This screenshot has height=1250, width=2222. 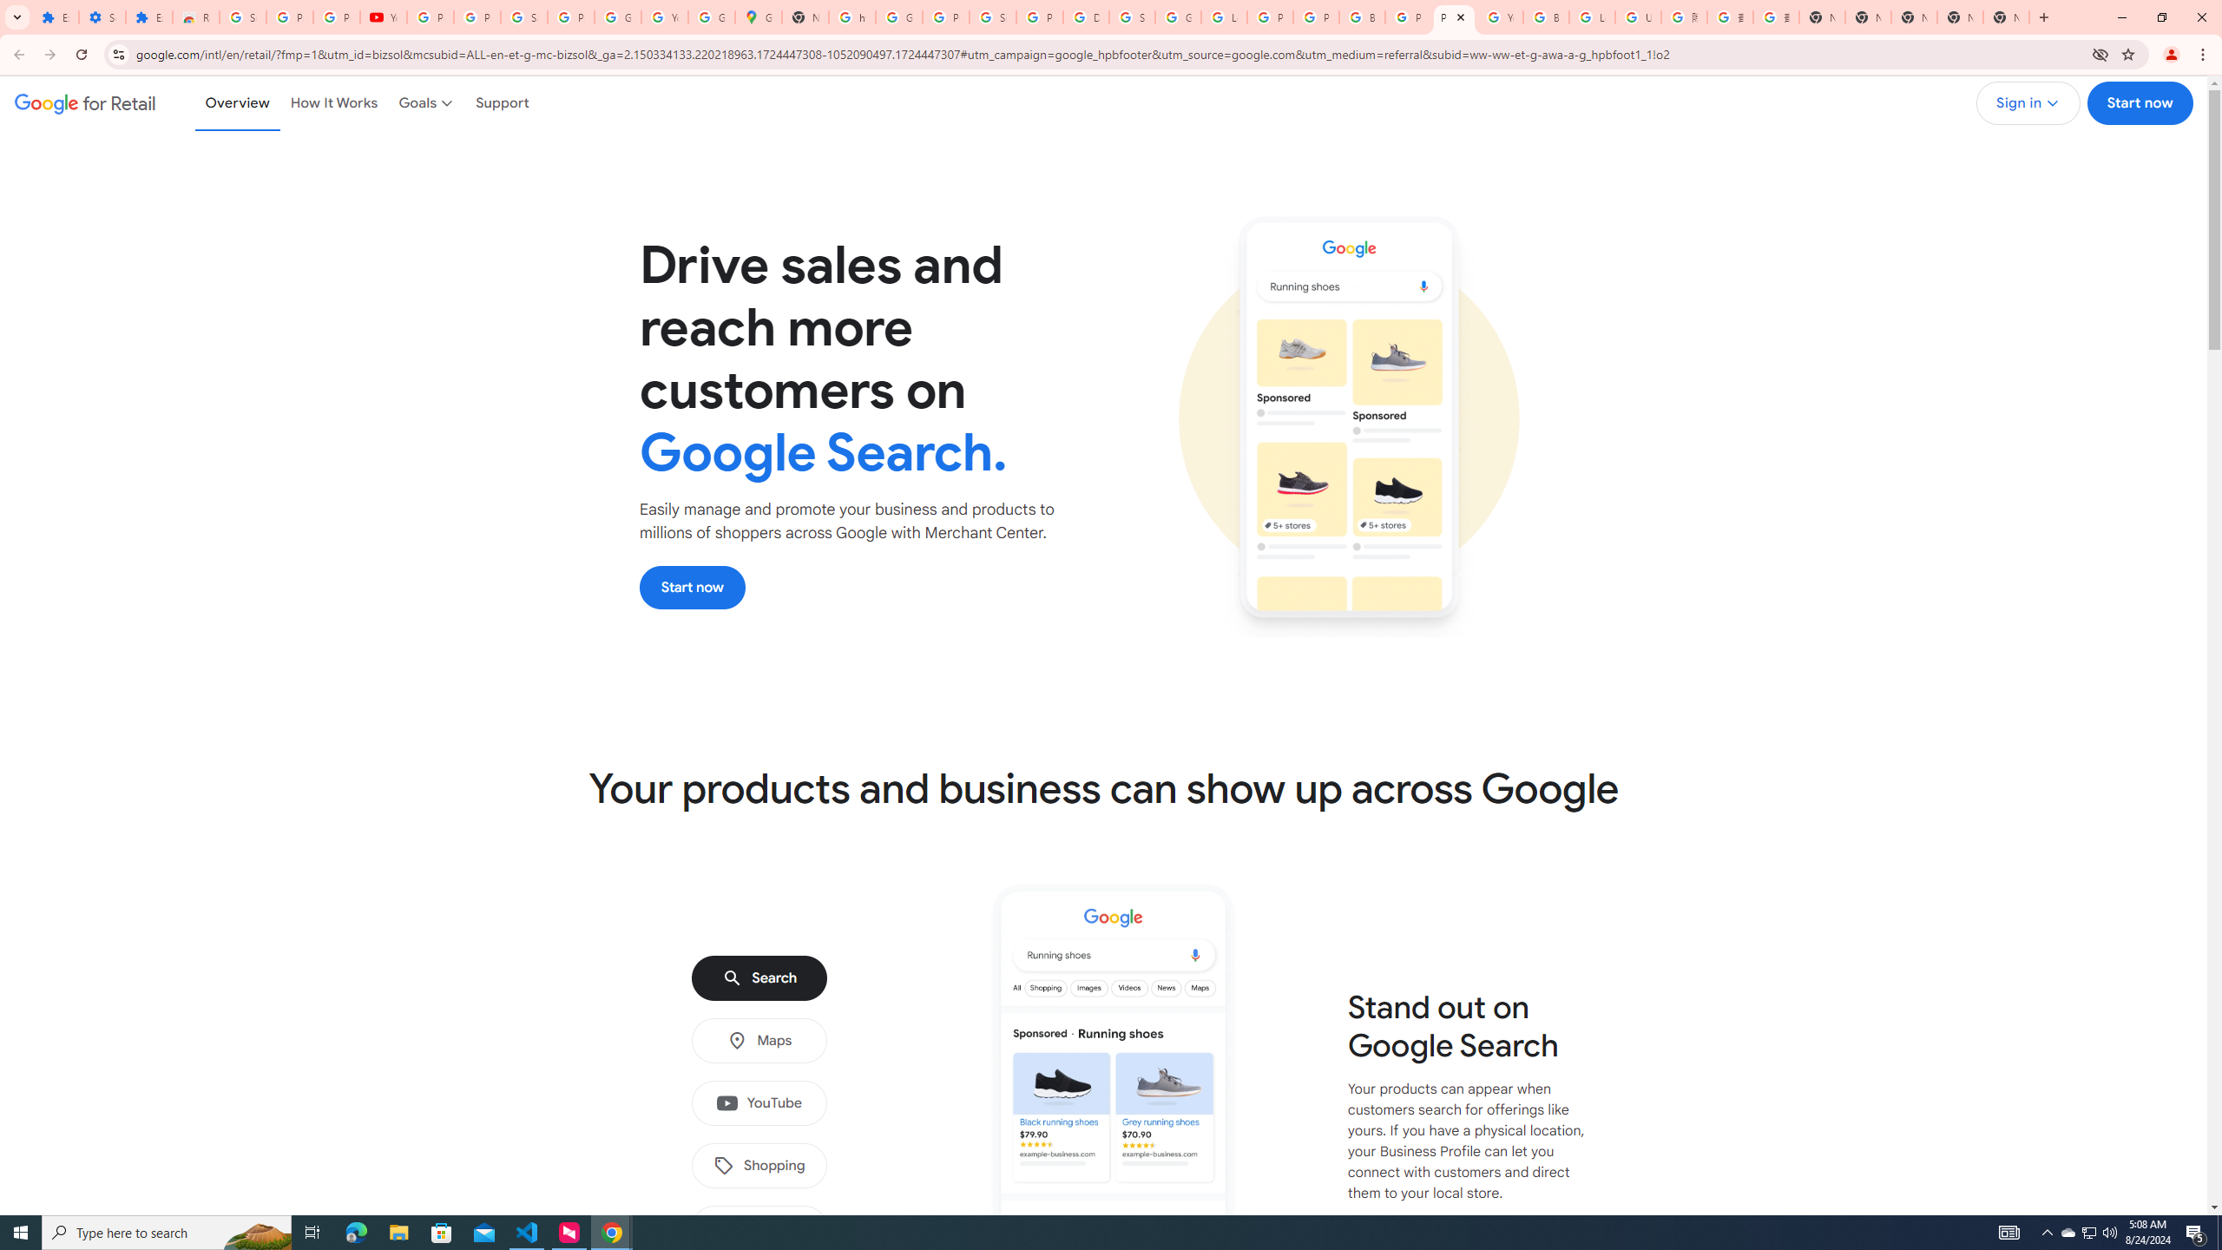 I want to click on 'How It Works', so click(x=333, y=102).